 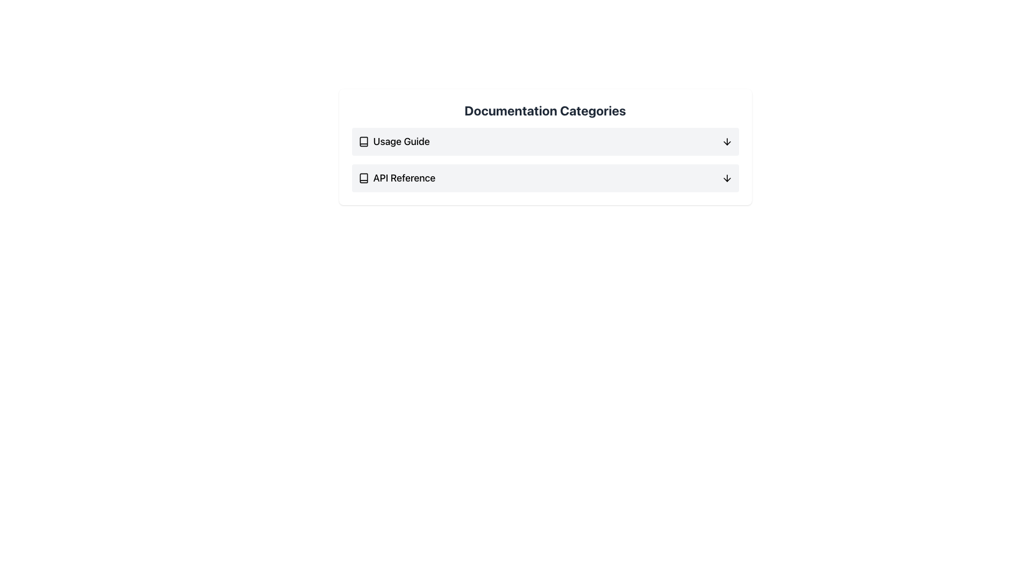 What do you see at coordinates (363, 141) in the screenshot?
I see `the non-interactive icon representing the first documentation category, located to the left of the 'Usage Guide' text` at bounding box center [363, 141].